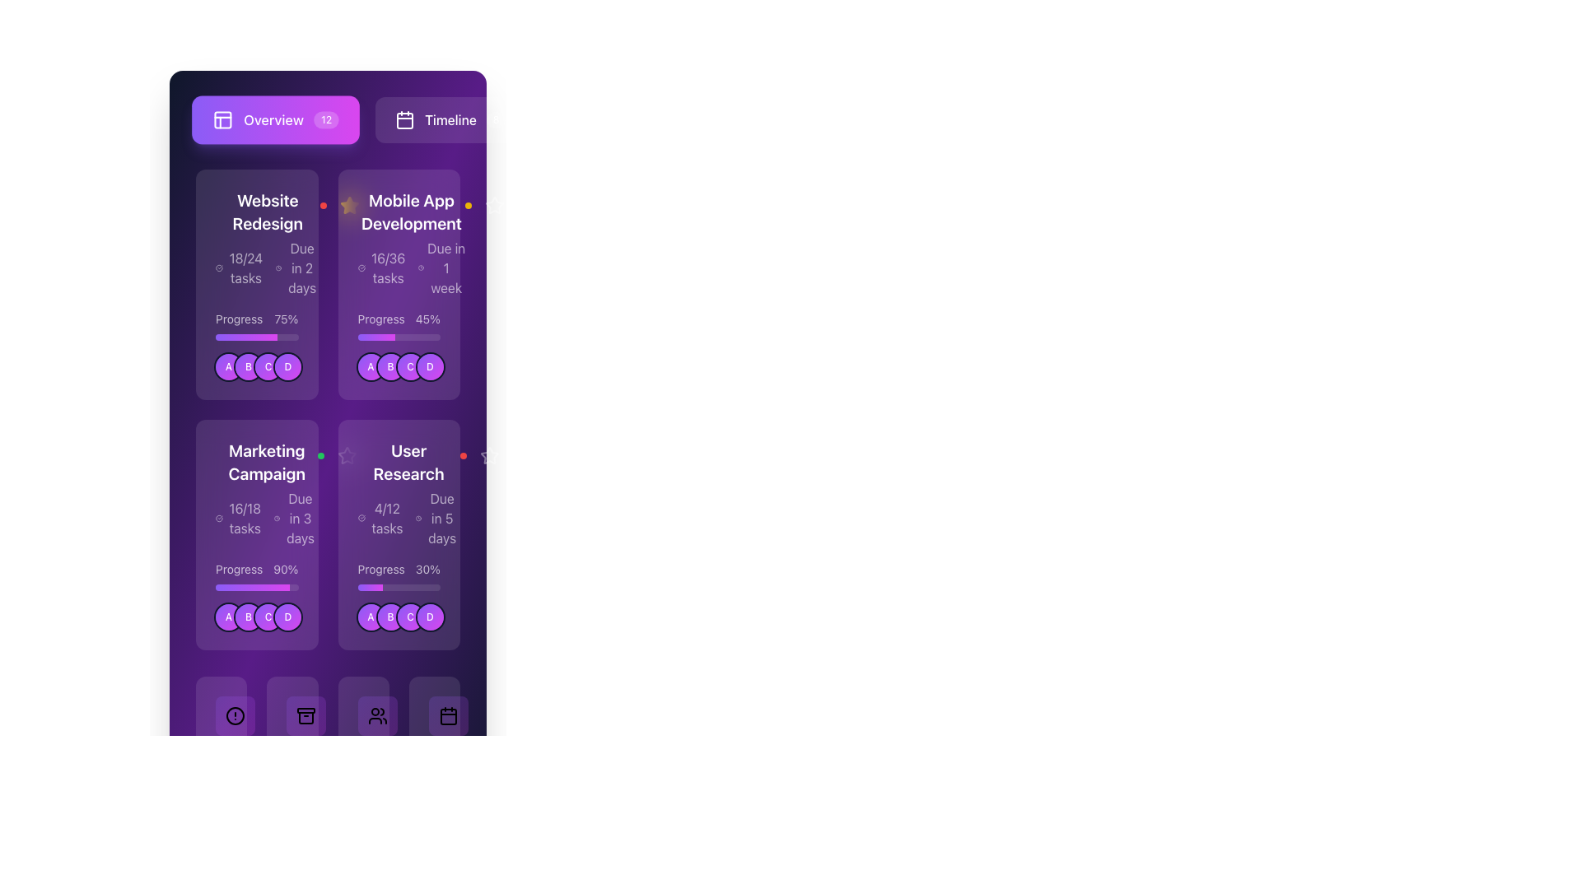  Describe the element at coordinates (326, 119) in the screenshot. I see `the button containing the Notification Badge located next to the 'Overview' text in the top navigation bar to interact with the related section` at that location.